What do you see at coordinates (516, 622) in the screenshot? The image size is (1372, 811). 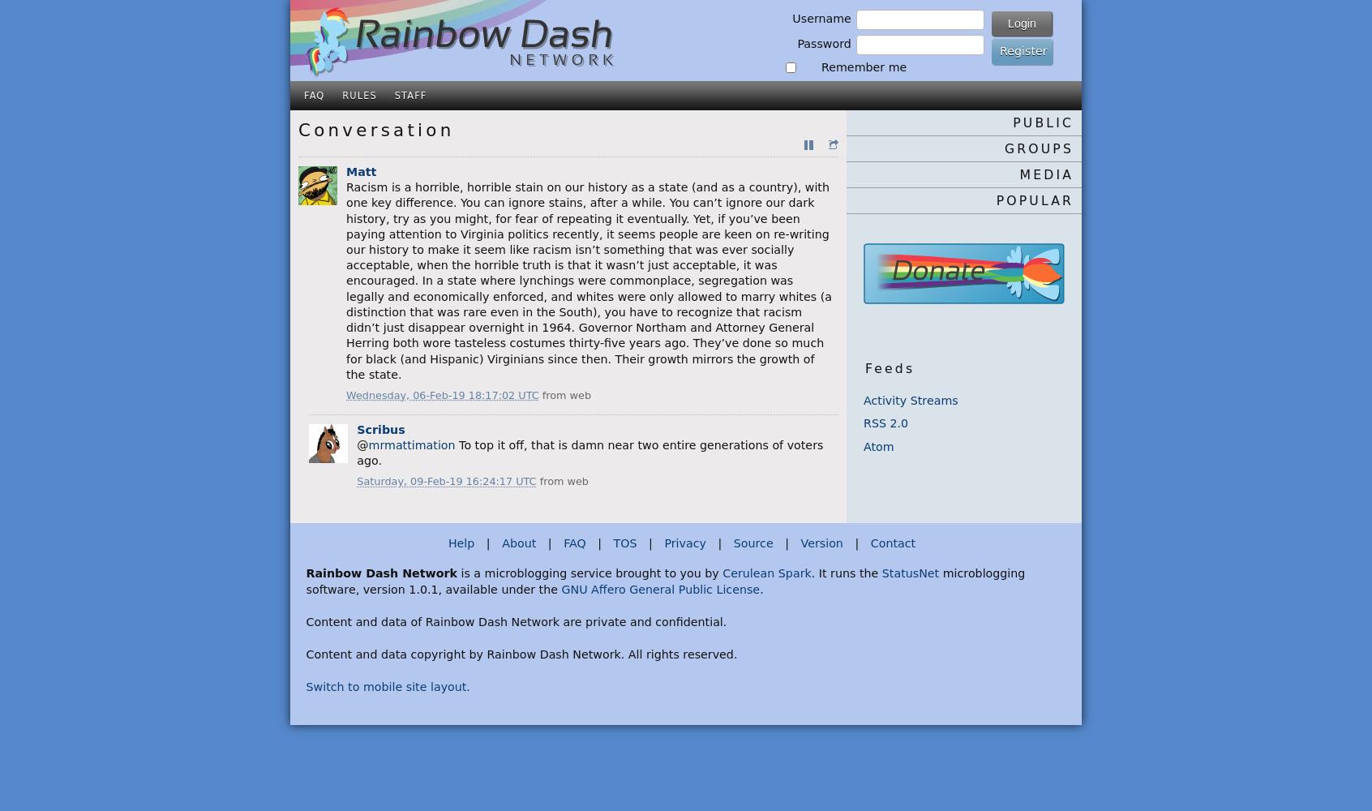 I see `'Content and data of Rainbow Dash Network are private and confidential.'` at bounding box center [516, 622].